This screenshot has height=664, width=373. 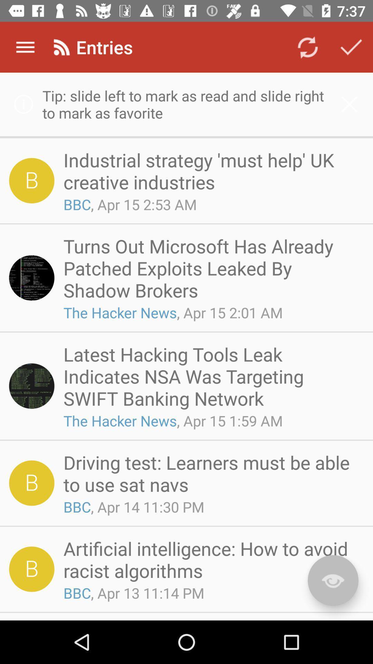 I want to click on icon next to the entries, so click(x=307, y=47).